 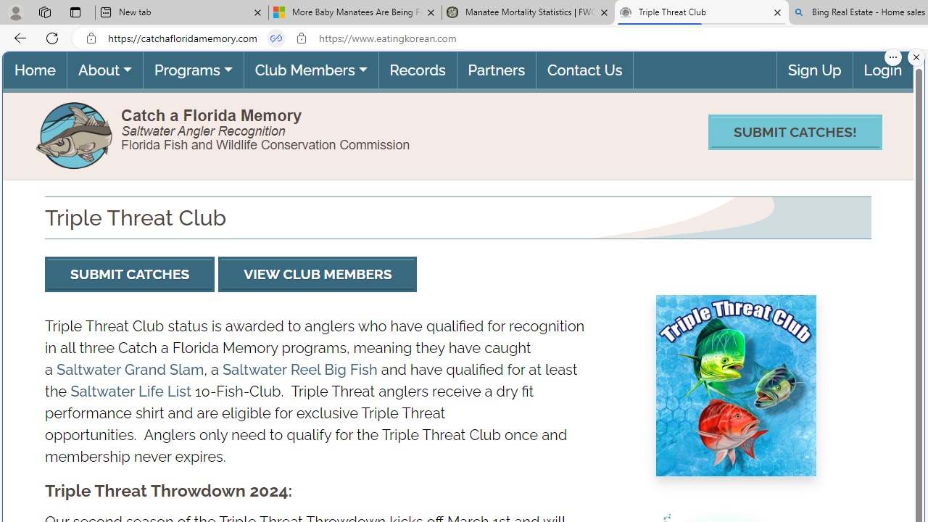 What do you see at coordinates (892, 57) in the screenshot?
I see `'More options.'` at bounding box center [892, 57].